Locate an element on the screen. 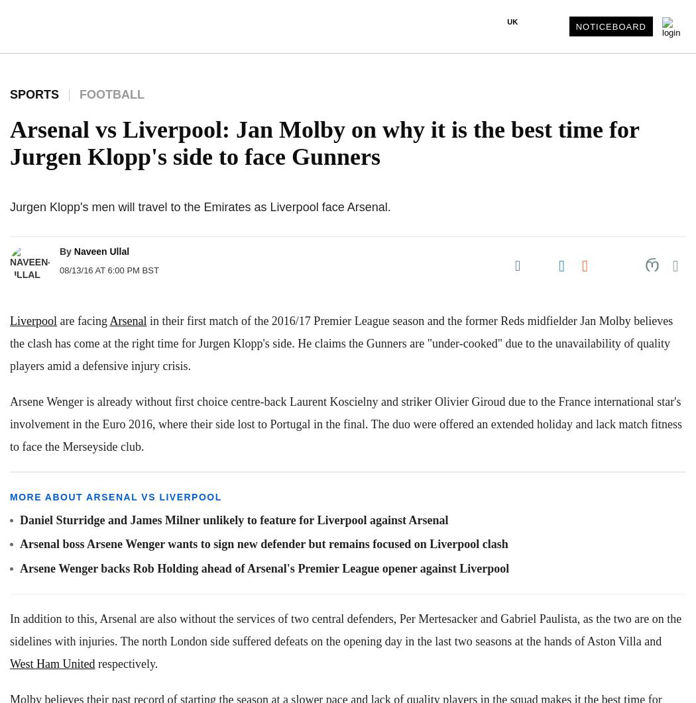 Image resolution: width=696 pixels, height=703 pixels. 'Arsenal vs Liverpool: Jan Molby on why it is the best time for Jurgen Klopp's side to face Gunners' is located at coordinates (323, 143).